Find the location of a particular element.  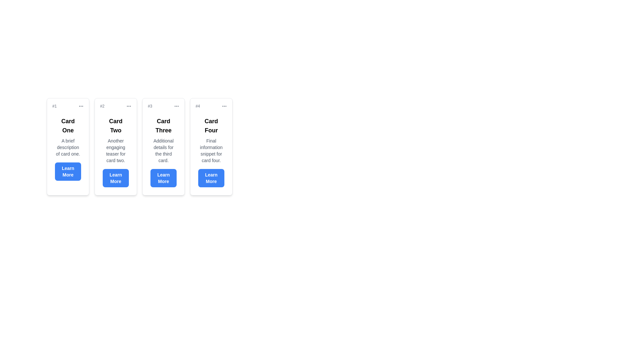

the 'Learn More' button located at the bottom of 'Card Two' is located at coordinates (116, 178).